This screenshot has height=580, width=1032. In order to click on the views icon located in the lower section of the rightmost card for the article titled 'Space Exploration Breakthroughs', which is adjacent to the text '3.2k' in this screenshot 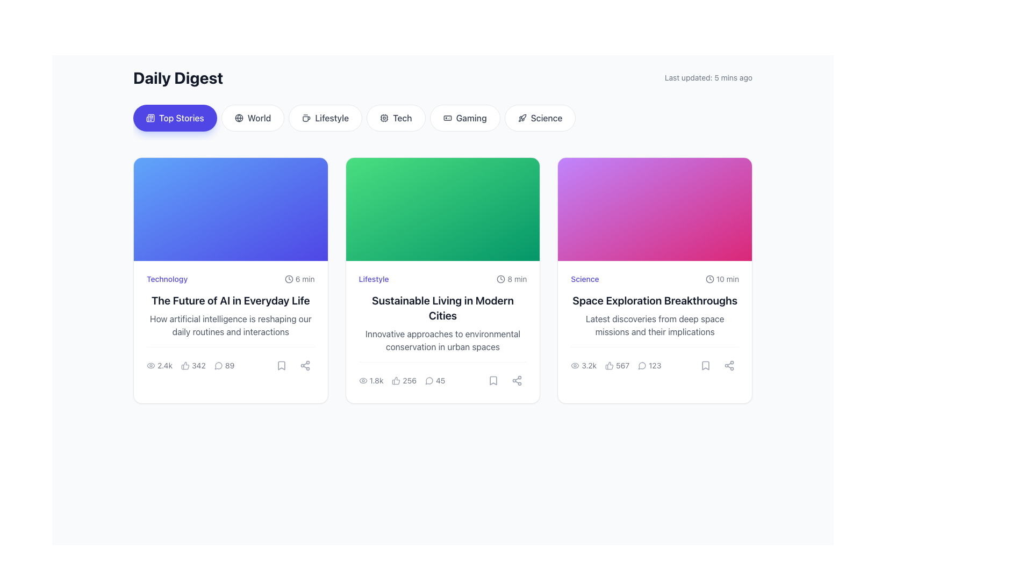, I will do `click(575, 365)`.